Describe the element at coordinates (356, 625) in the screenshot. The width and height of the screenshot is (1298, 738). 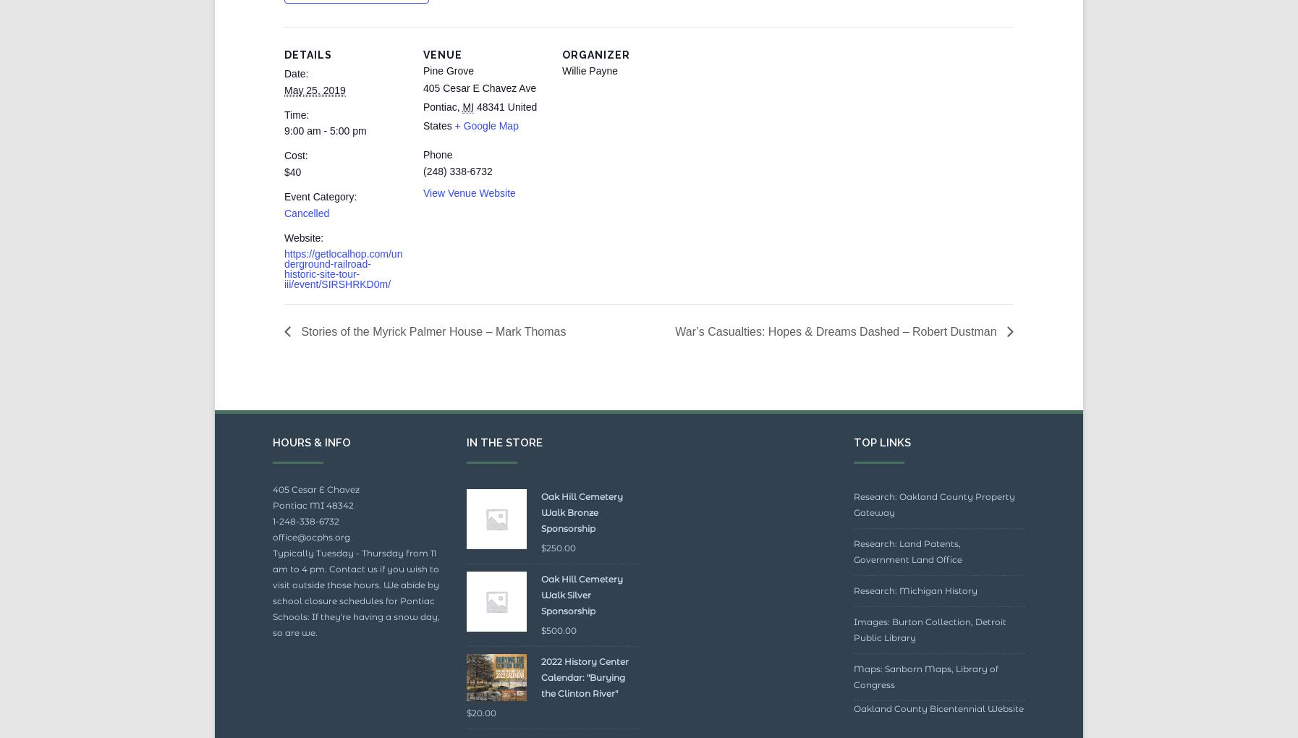
I see `'Typically Tuesday - Thursday from 11 am to 4 pm. Contact us if you wish to visit outside those hours.  We abide by school closure schedules for Pontiac Schools: If they're having a snow day, so are we.'` at that location.